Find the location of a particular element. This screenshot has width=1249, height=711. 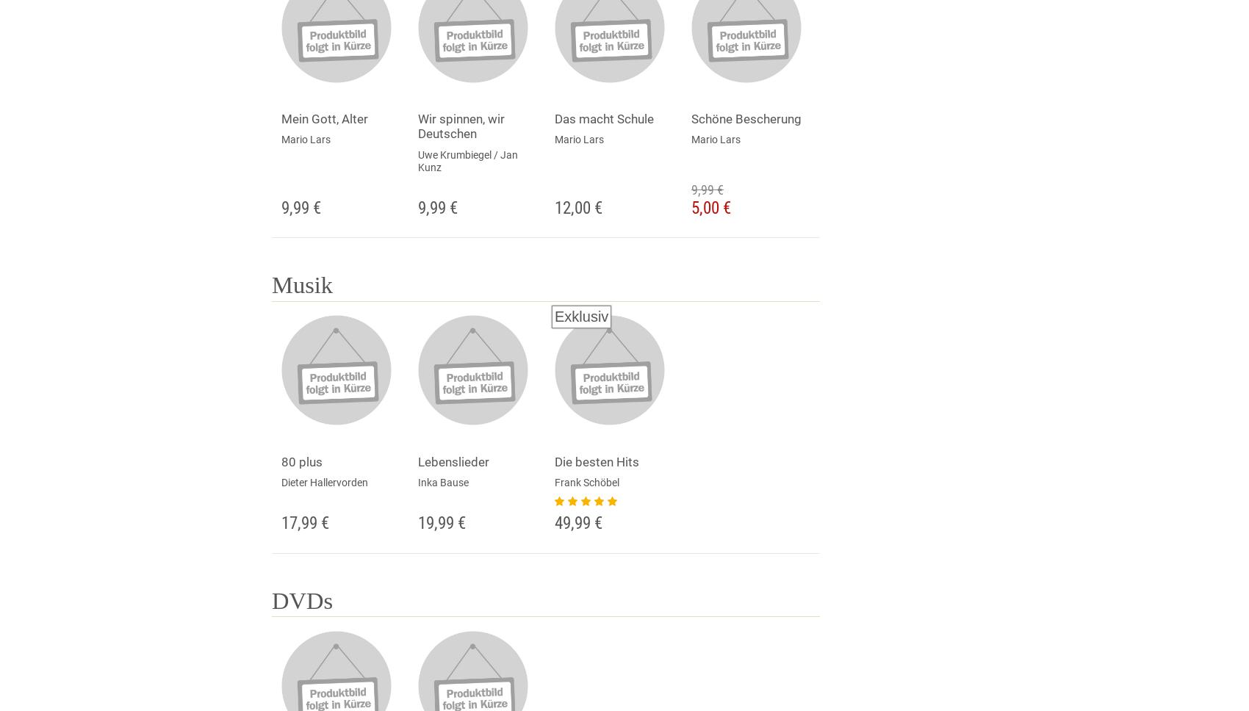

'19,99 €' is located at coordinates (441, 521).